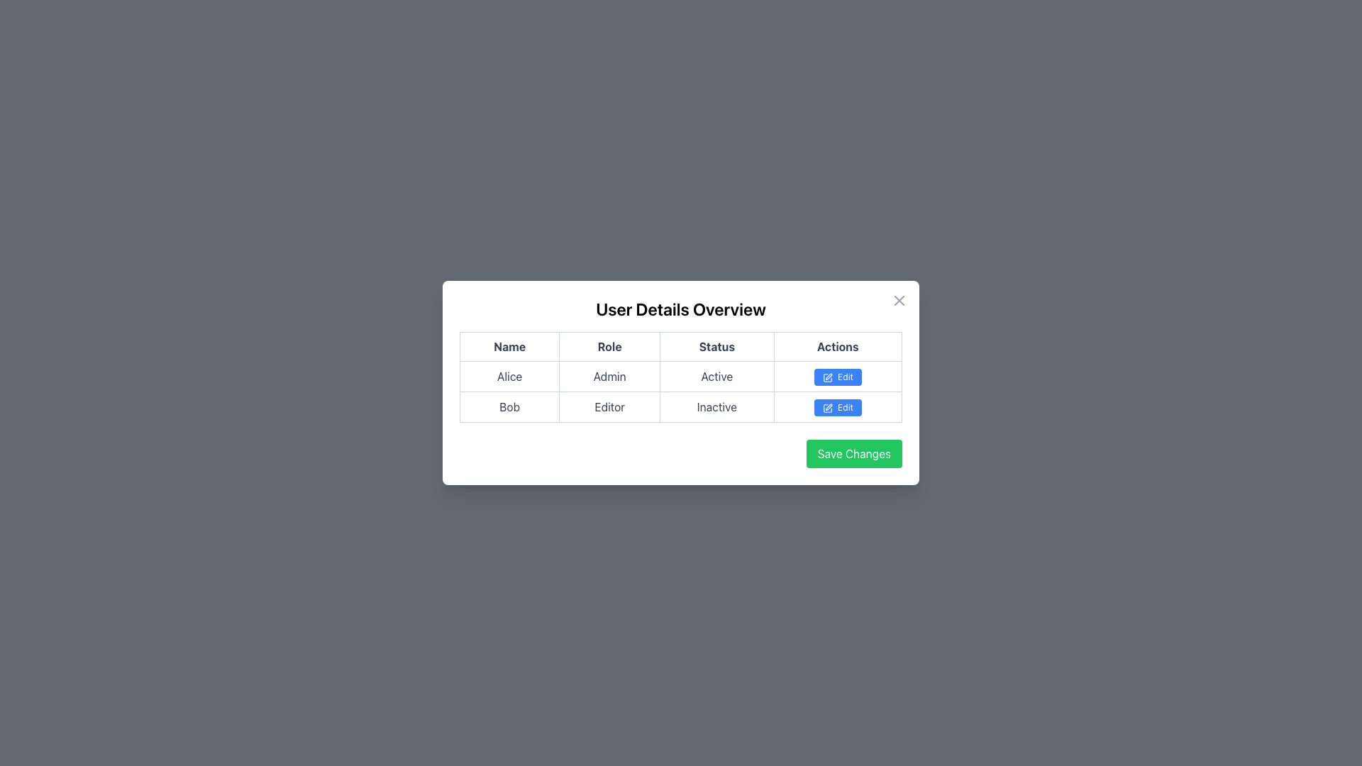 Image resolution: width=1362 pixels, height=766 pixels. Describe the element at coordinates (838, 407) in the screenshot. I see `the blue 'Edit' button with a pen icon in the 'Actions' column of the second row under the 'User Details Overview' section` at that location.